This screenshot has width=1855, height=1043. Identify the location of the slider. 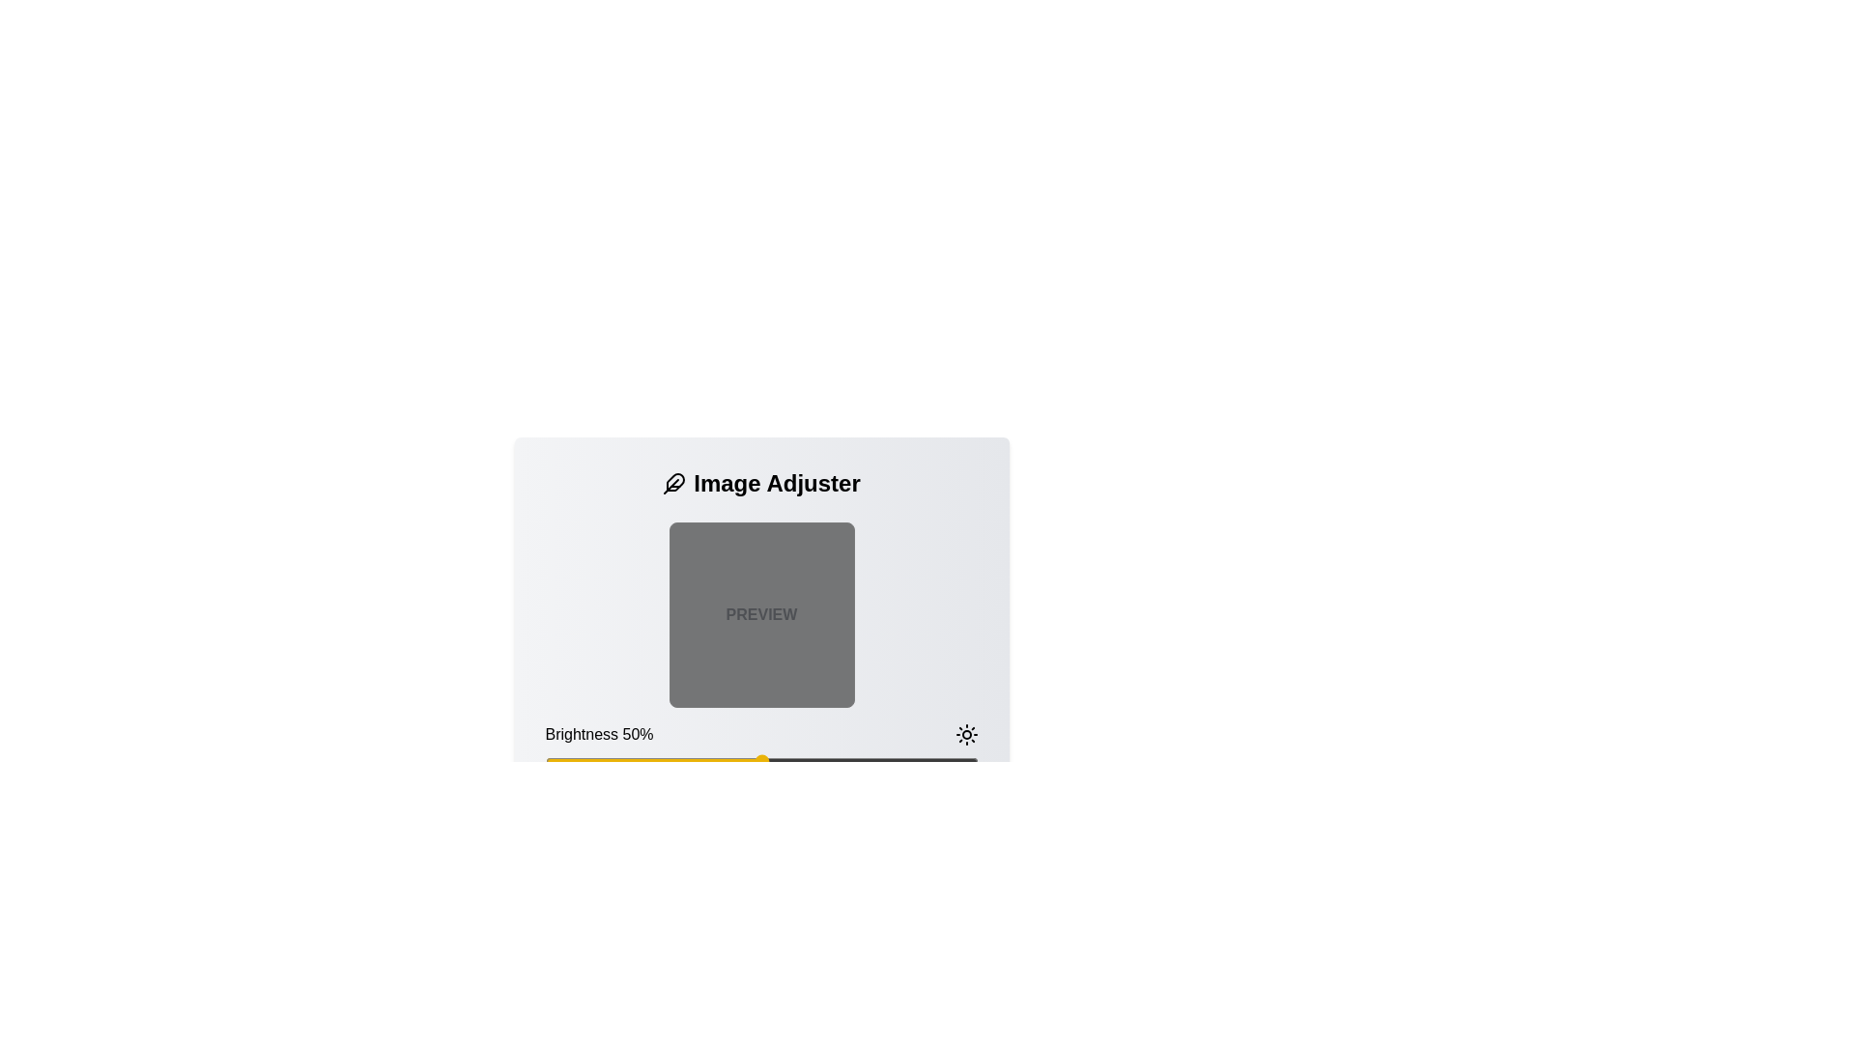
(886, 761).